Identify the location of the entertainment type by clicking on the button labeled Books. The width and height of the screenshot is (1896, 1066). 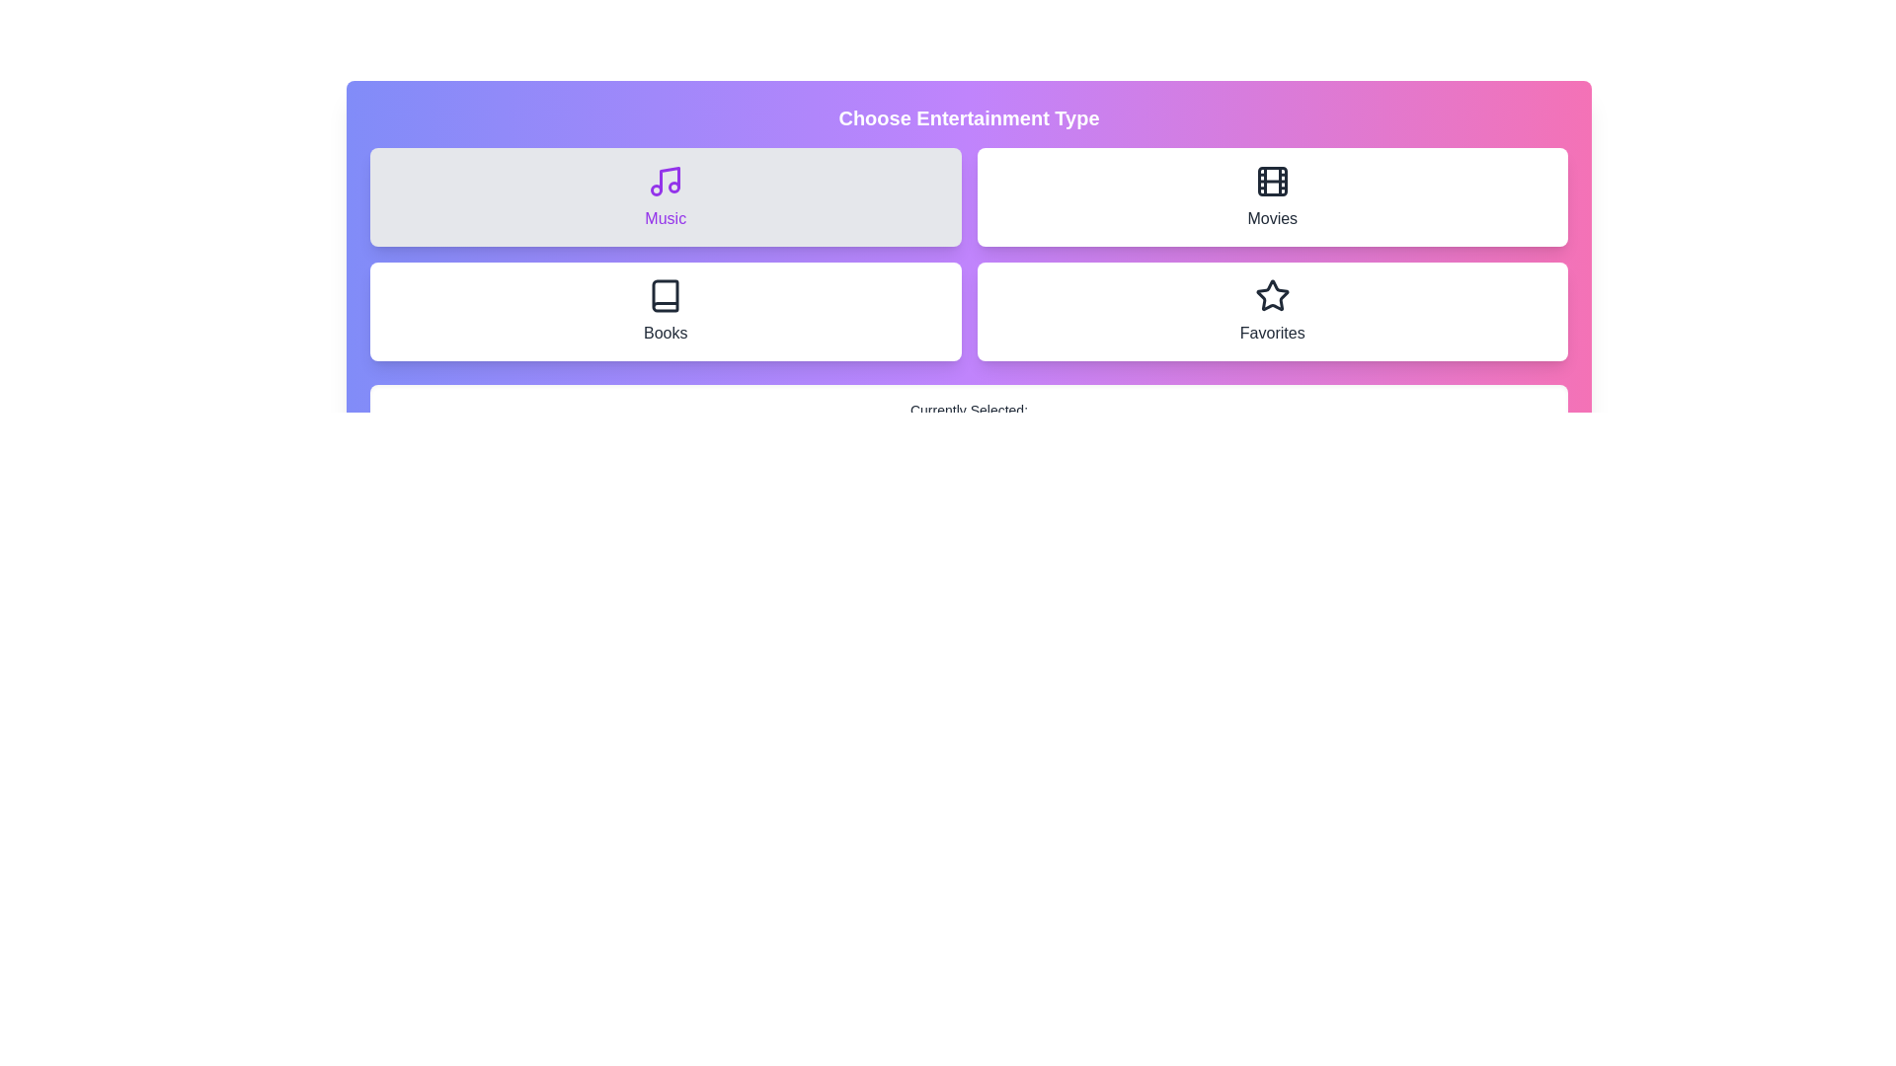
(666, 311).